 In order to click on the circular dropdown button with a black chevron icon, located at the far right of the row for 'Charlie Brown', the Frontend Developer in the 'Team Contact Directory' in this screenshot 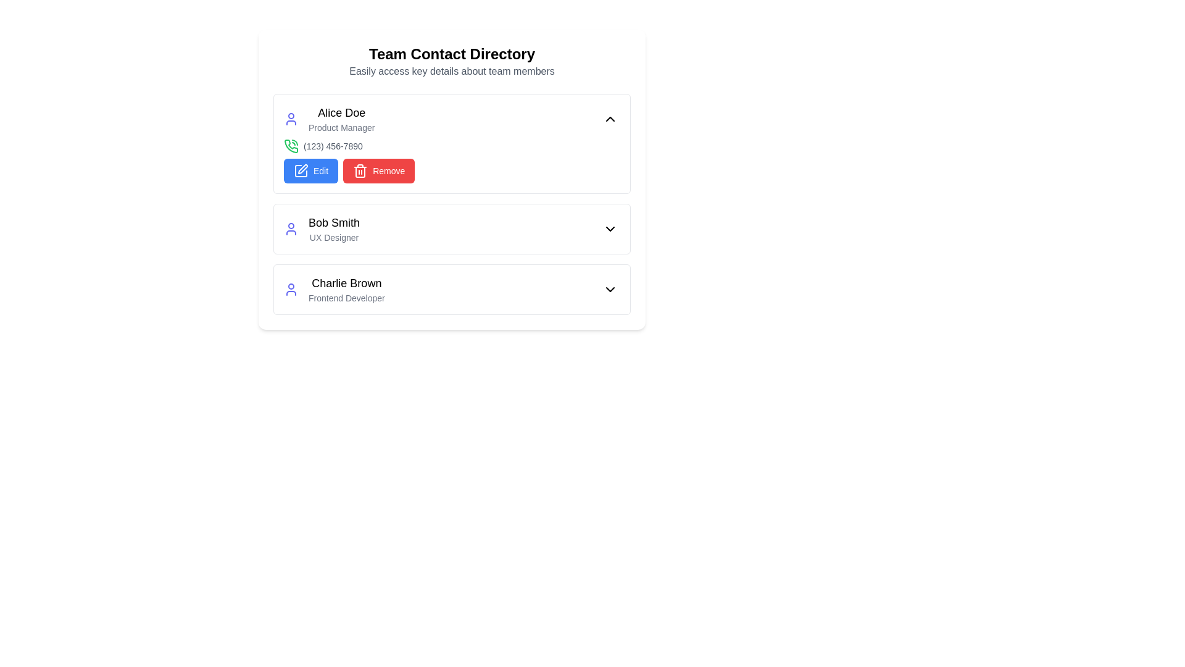, I will do `click(610, 290)`.